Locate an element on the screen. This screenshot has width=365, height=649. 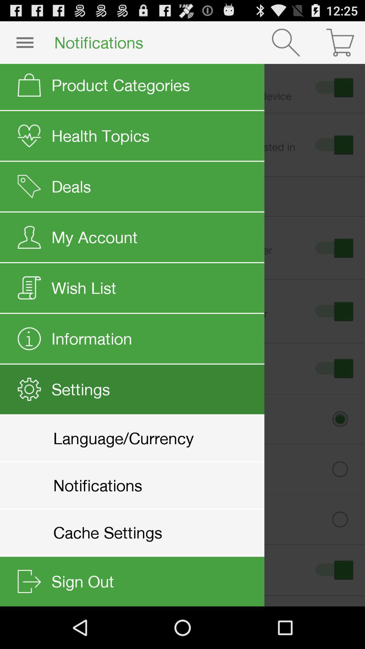
the search icon is located at coordinates (286, 45).